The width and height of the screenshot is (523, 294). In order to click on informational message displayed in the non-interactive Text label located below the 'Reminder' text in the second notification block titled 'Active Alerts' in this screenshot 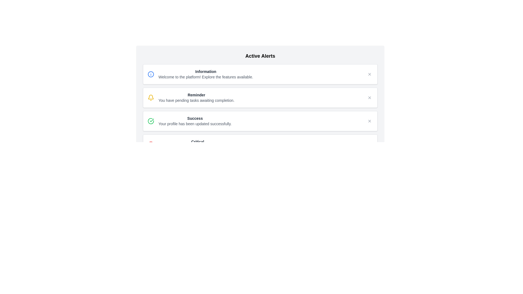, I will do `click(196, 100)`.